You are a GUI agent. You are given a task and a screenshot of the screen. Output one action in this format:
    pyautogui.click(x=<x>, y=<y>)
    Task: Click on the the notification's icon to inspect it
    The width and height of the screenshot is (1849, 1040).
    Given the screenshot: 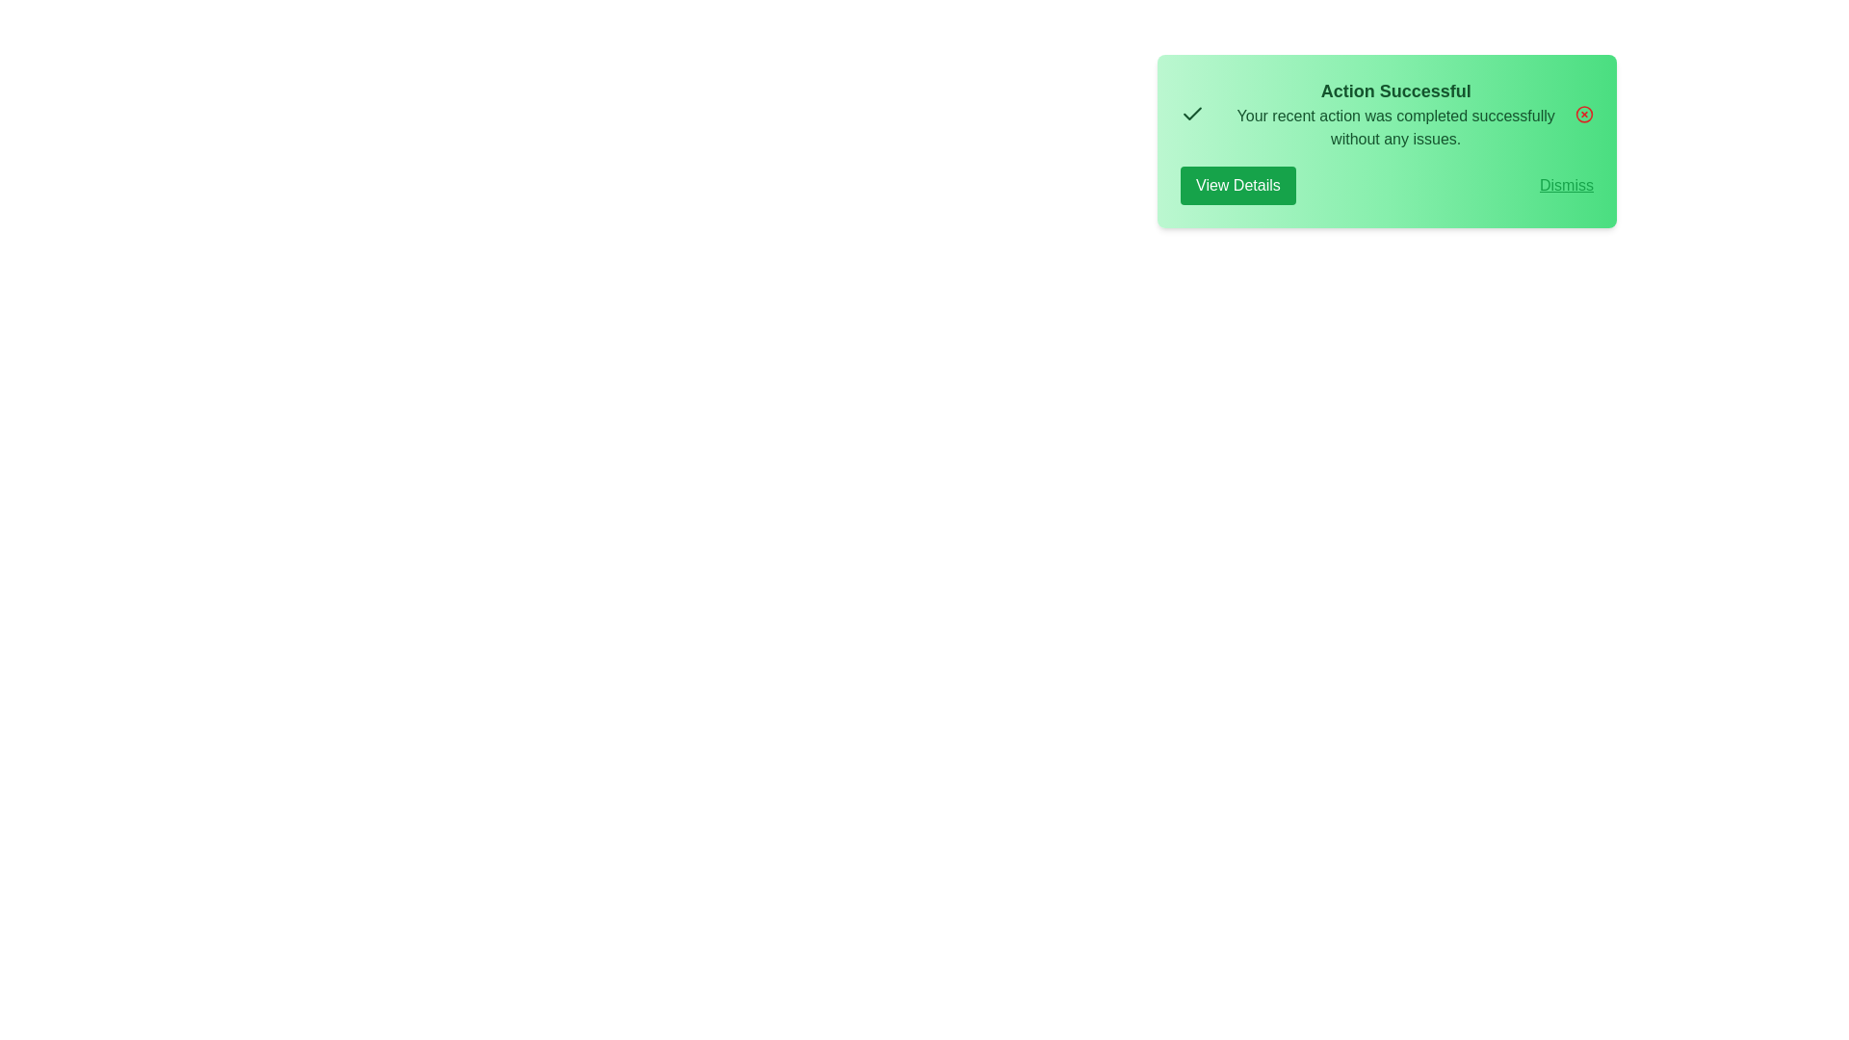 What is the action you would take?
    pyautogui.click(x=1191, y=115)
    